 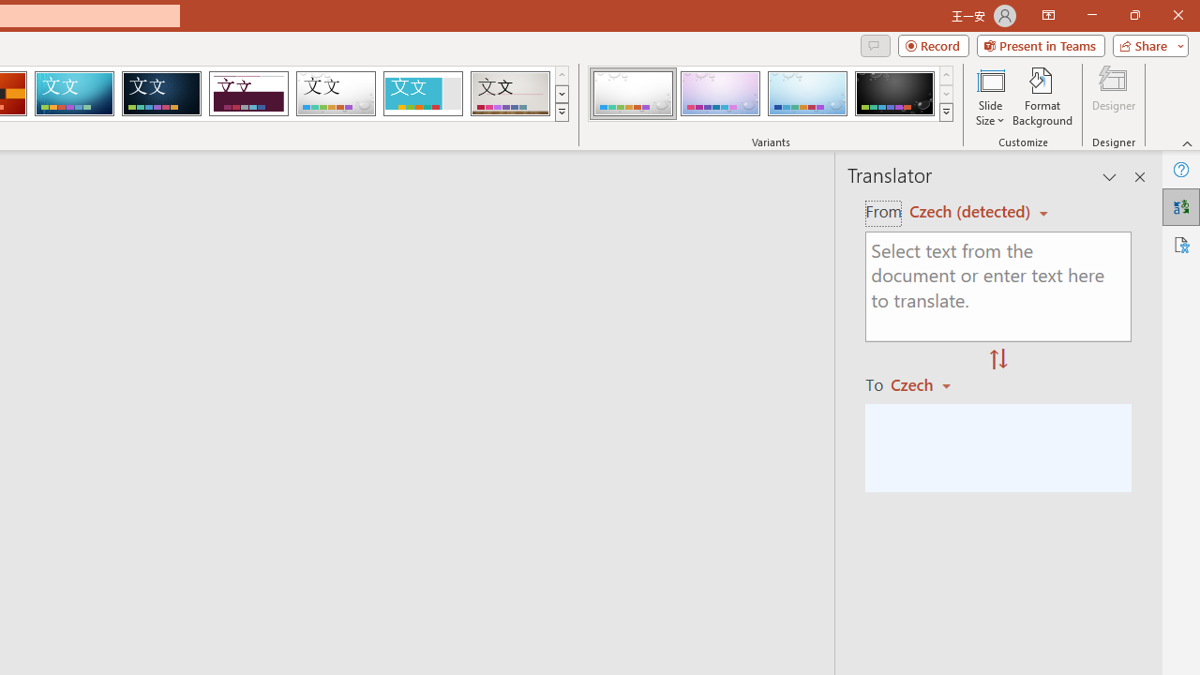 What do you see at coordinates (633, 94) in the screenshot?
I see `'Droplet Variant 1'` at bounding box center [633, 94].